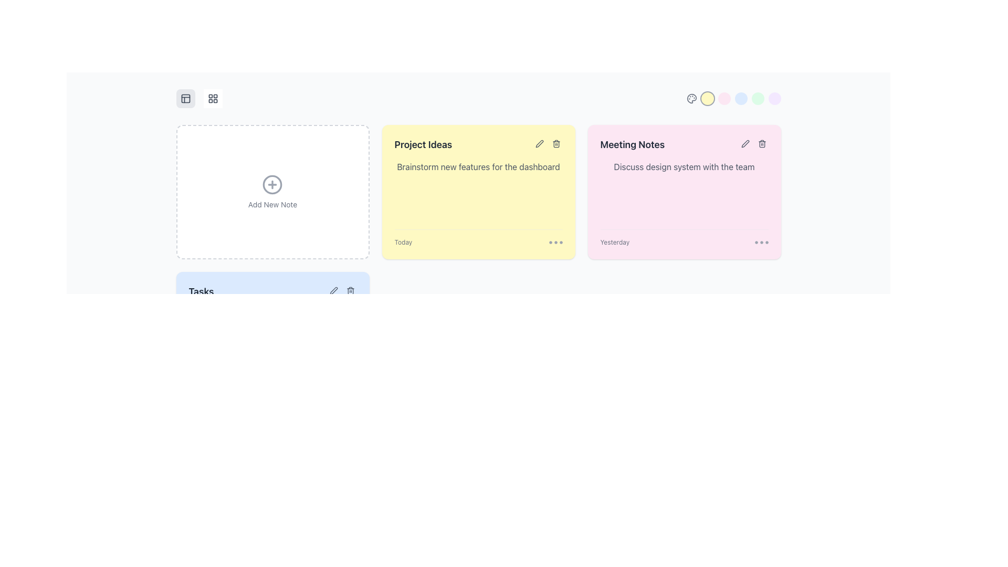  What do you see at coordinates (555, 143) in the screenshot?
I see `the trash bin icon located in the top-right corner of the 'Project Ideas' card` at bounding box center [555, 143].